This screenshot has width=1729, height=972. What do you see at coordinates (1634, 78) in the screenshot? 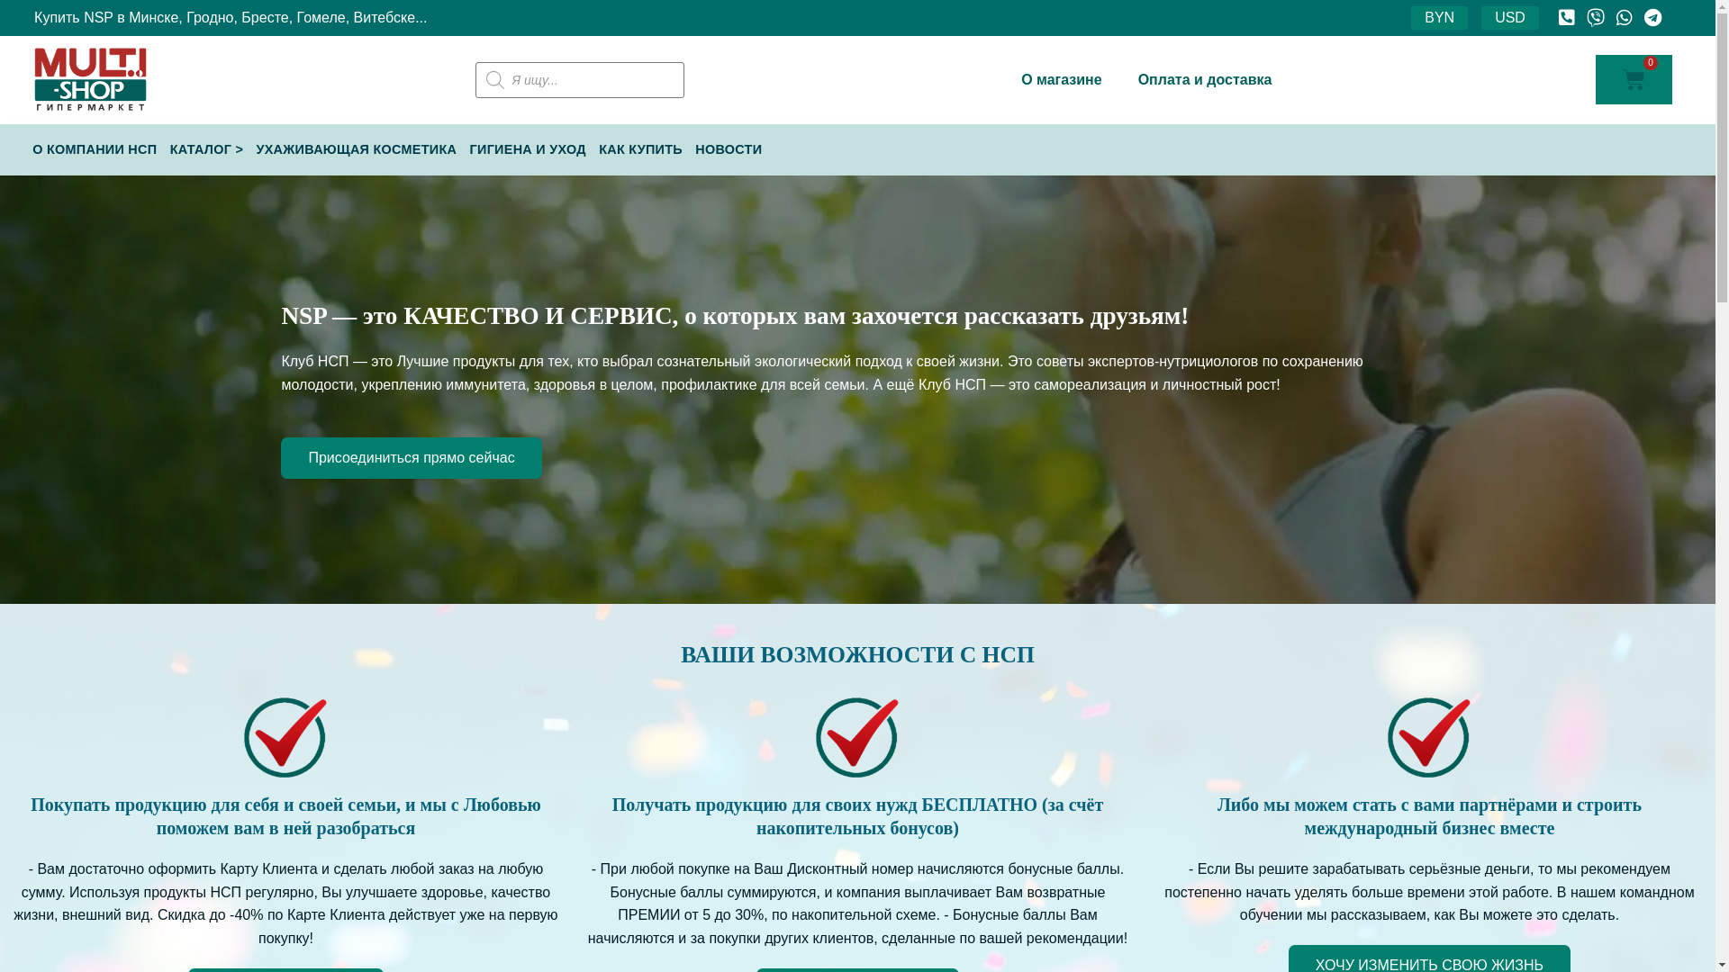
I see `'0'` at bounding box center [1634, 78].